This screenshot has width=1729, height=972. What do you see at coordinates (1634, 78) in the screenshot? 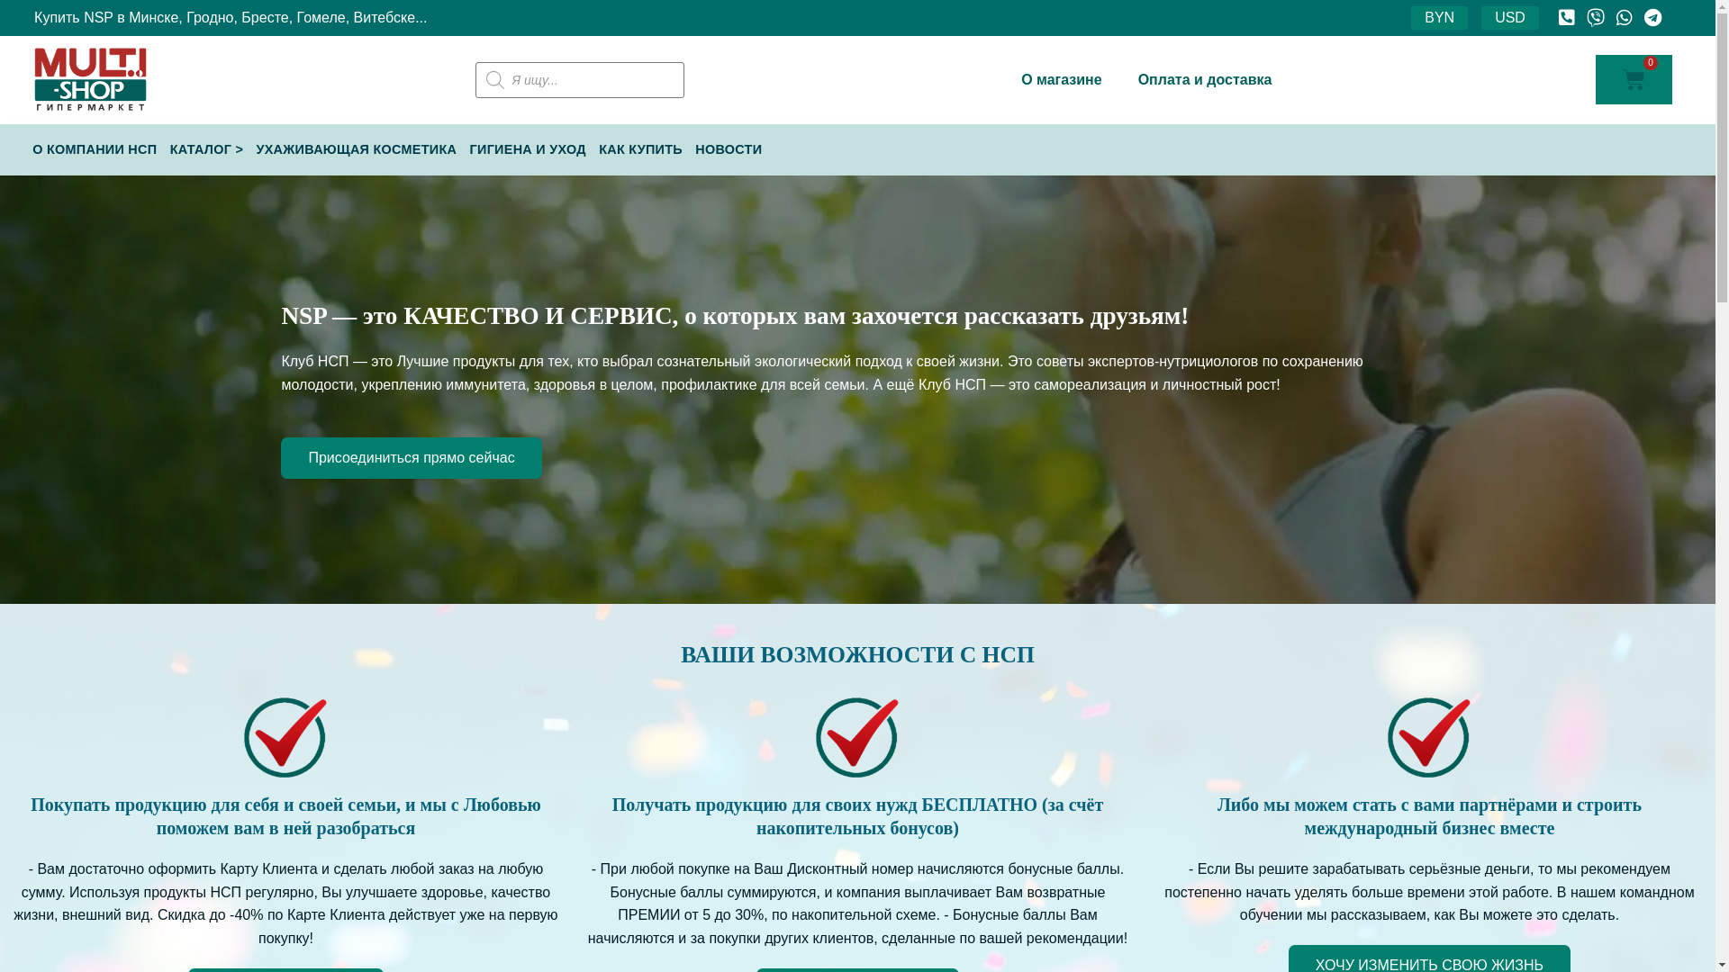
I see `'0'` at bounding box center [1634, 78].